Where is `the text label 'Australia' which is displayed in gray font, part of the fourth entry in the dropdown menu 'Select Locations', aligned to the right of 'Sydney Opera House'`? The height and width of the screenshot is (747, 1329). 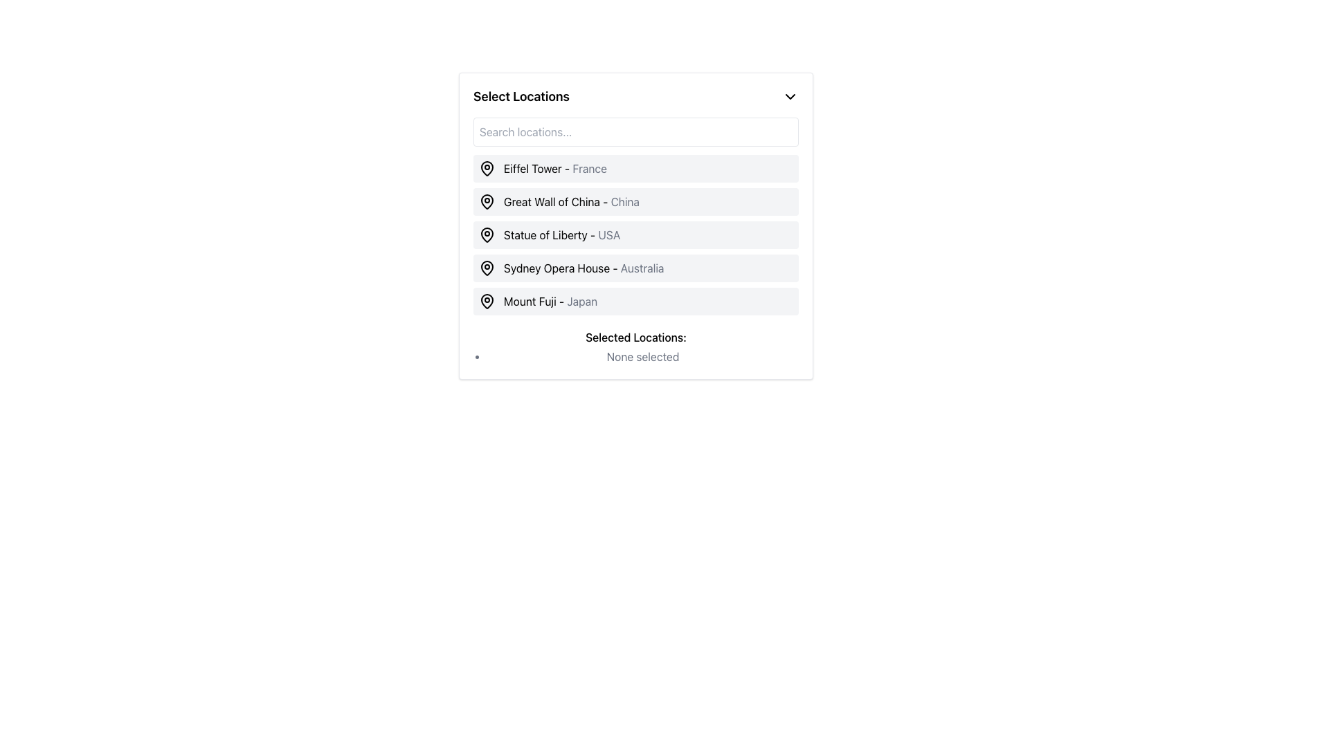 the text label 'Australia' which is displayed in gray font, part of the fourth entry in the dropdown menu 'Select Locations', aligned to the right of 'Sydney Opera House' is located at coordinates (642, 268).